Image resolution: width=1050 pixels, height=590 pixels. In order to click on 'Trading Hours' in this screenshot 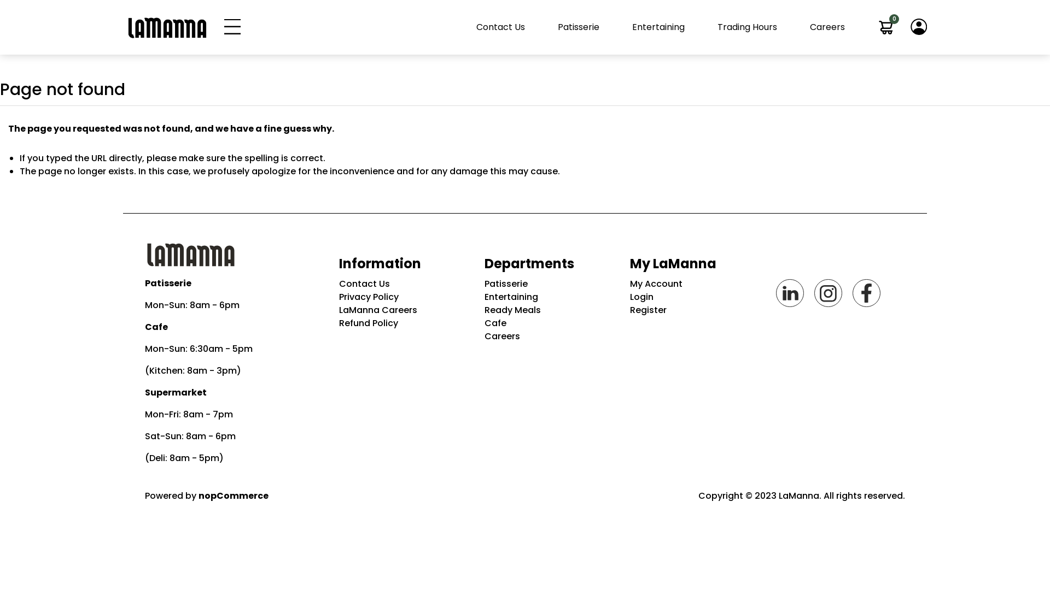, I will do `click(711, 27)`.